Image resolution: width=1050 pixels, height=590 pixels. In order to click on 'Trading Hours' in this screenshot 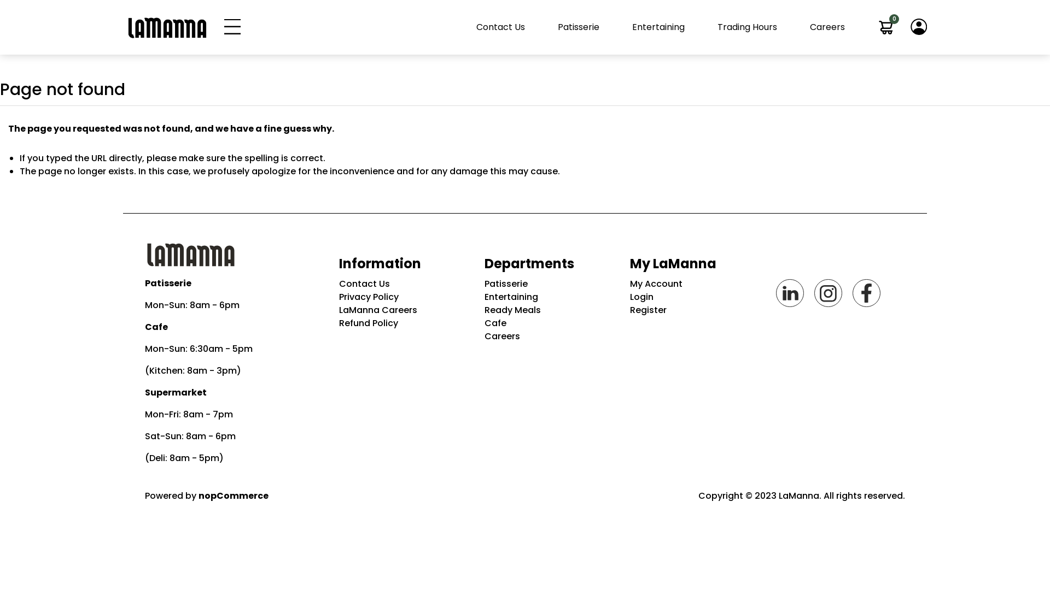, I will do `click(711, 27)`.